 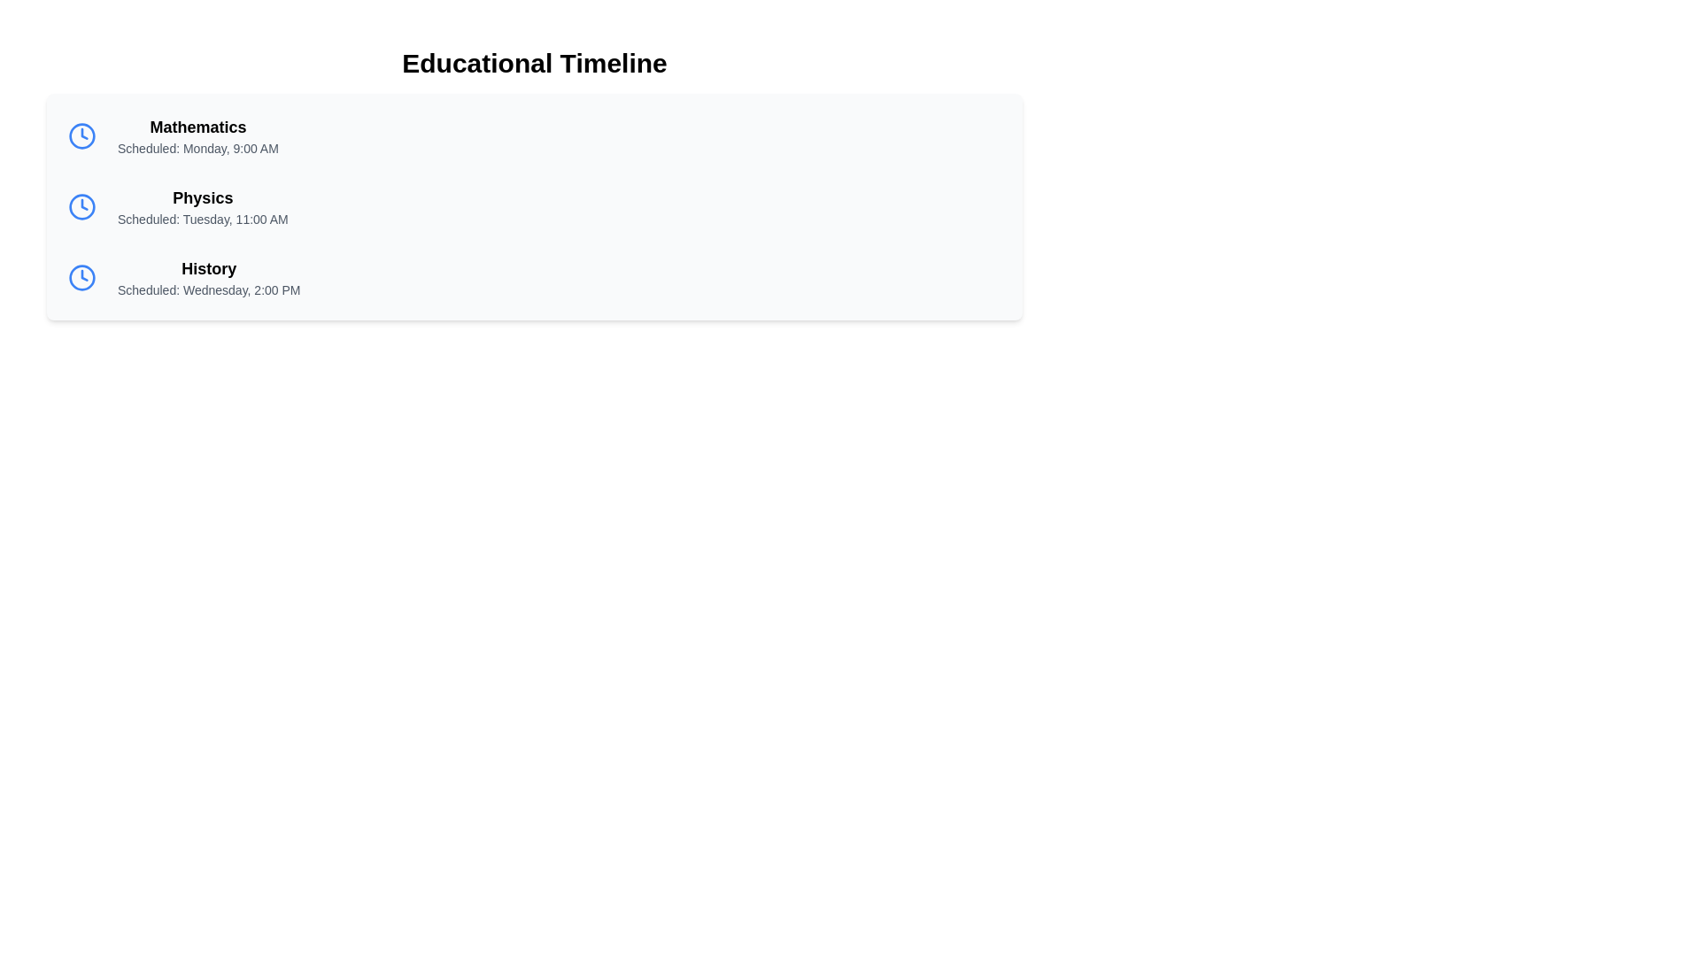 I want to click on the text element labeled as a topic title located below 'Mathematics' and 'Physics' in the educational schedule section under 'Educational Timeline', so click(x=209, y=269).